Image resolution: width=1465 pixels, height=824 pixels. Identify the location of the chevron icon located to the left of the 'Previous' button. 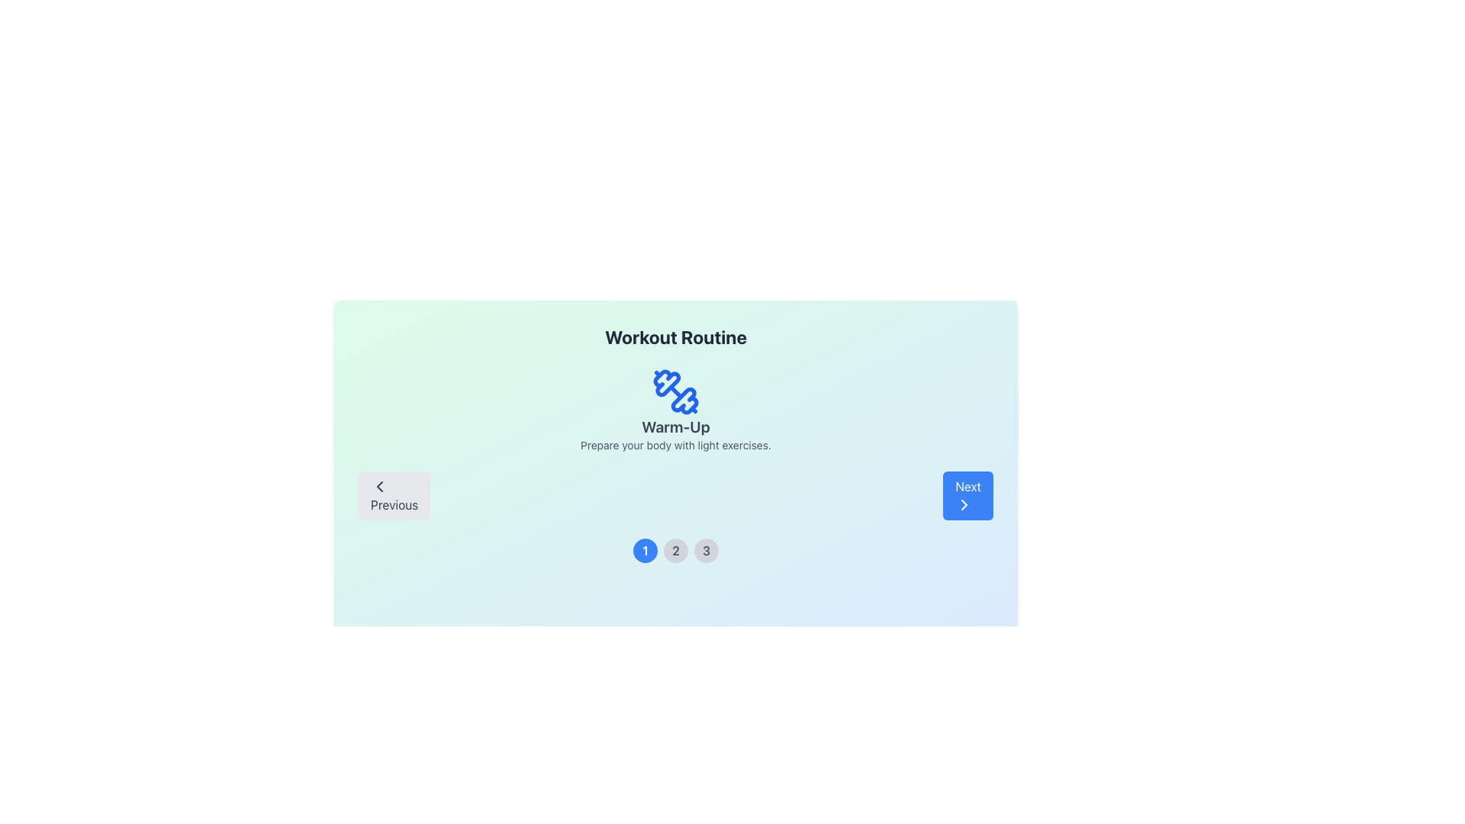
(380, 486).